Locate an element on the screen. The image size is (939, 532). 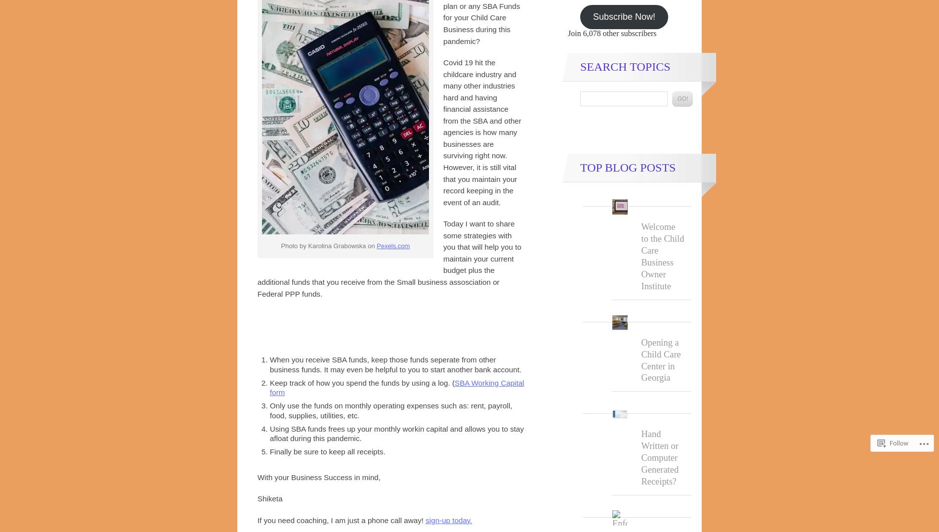
'Keep track of how you spend the funds by using a log. (' is located at coordinates (362, 382).